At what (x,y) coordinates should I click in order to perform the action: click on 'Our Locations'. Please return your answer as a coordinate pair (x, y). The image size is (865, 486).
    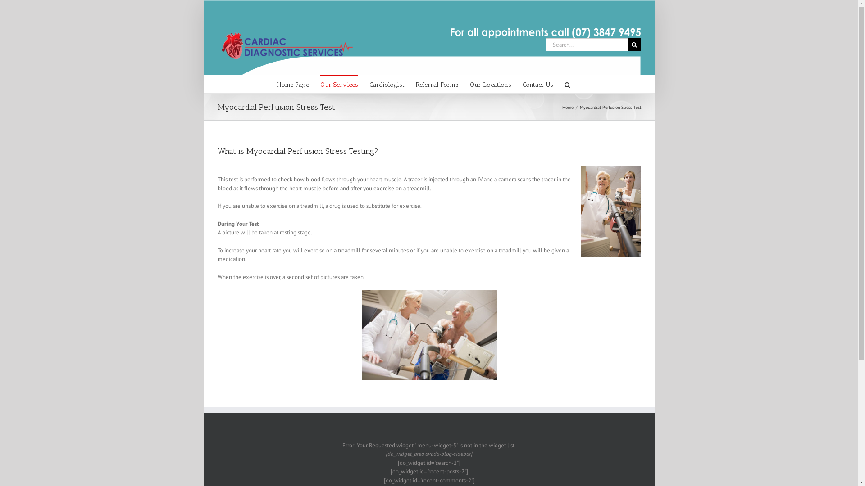
    Looking at the image, I should click on (469, 84).